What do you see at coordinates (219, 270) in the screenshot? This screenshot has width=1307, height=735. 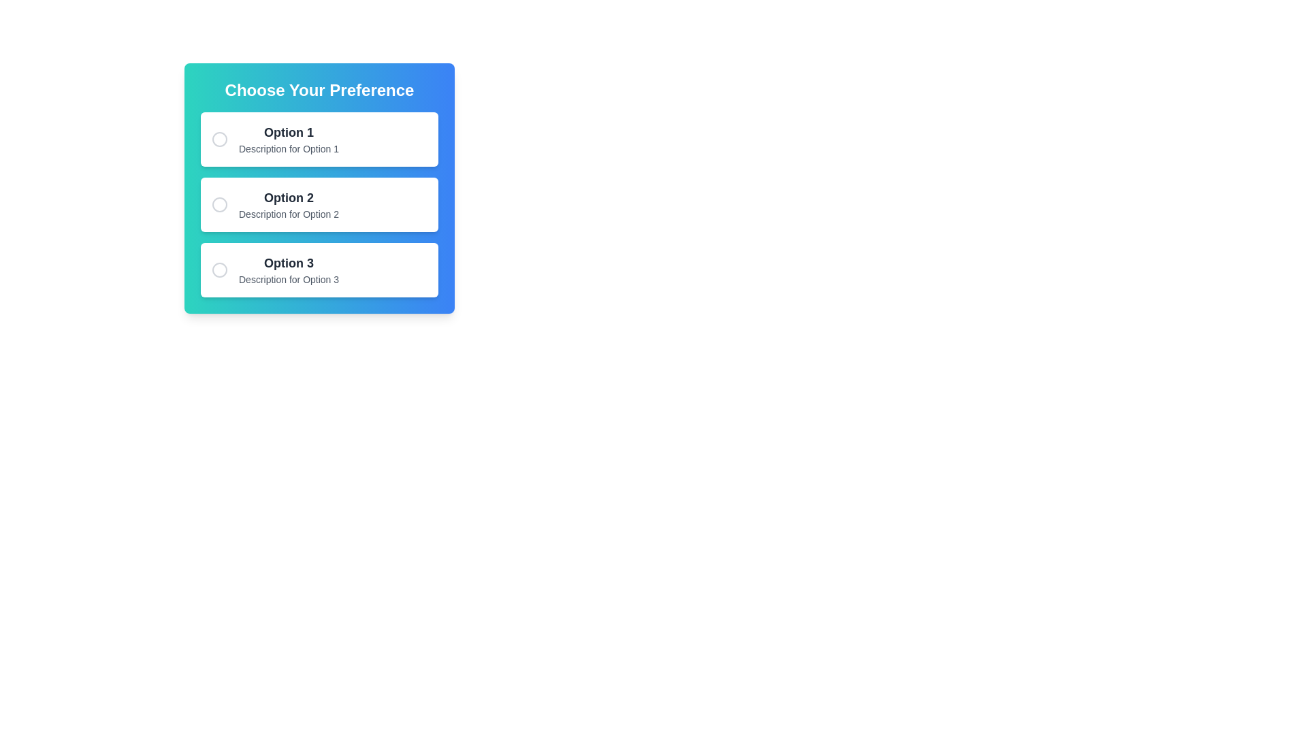 I see `the circular radio button icon located to the left of 'Option 3' in the selection list` at bounding box center [219, 270].